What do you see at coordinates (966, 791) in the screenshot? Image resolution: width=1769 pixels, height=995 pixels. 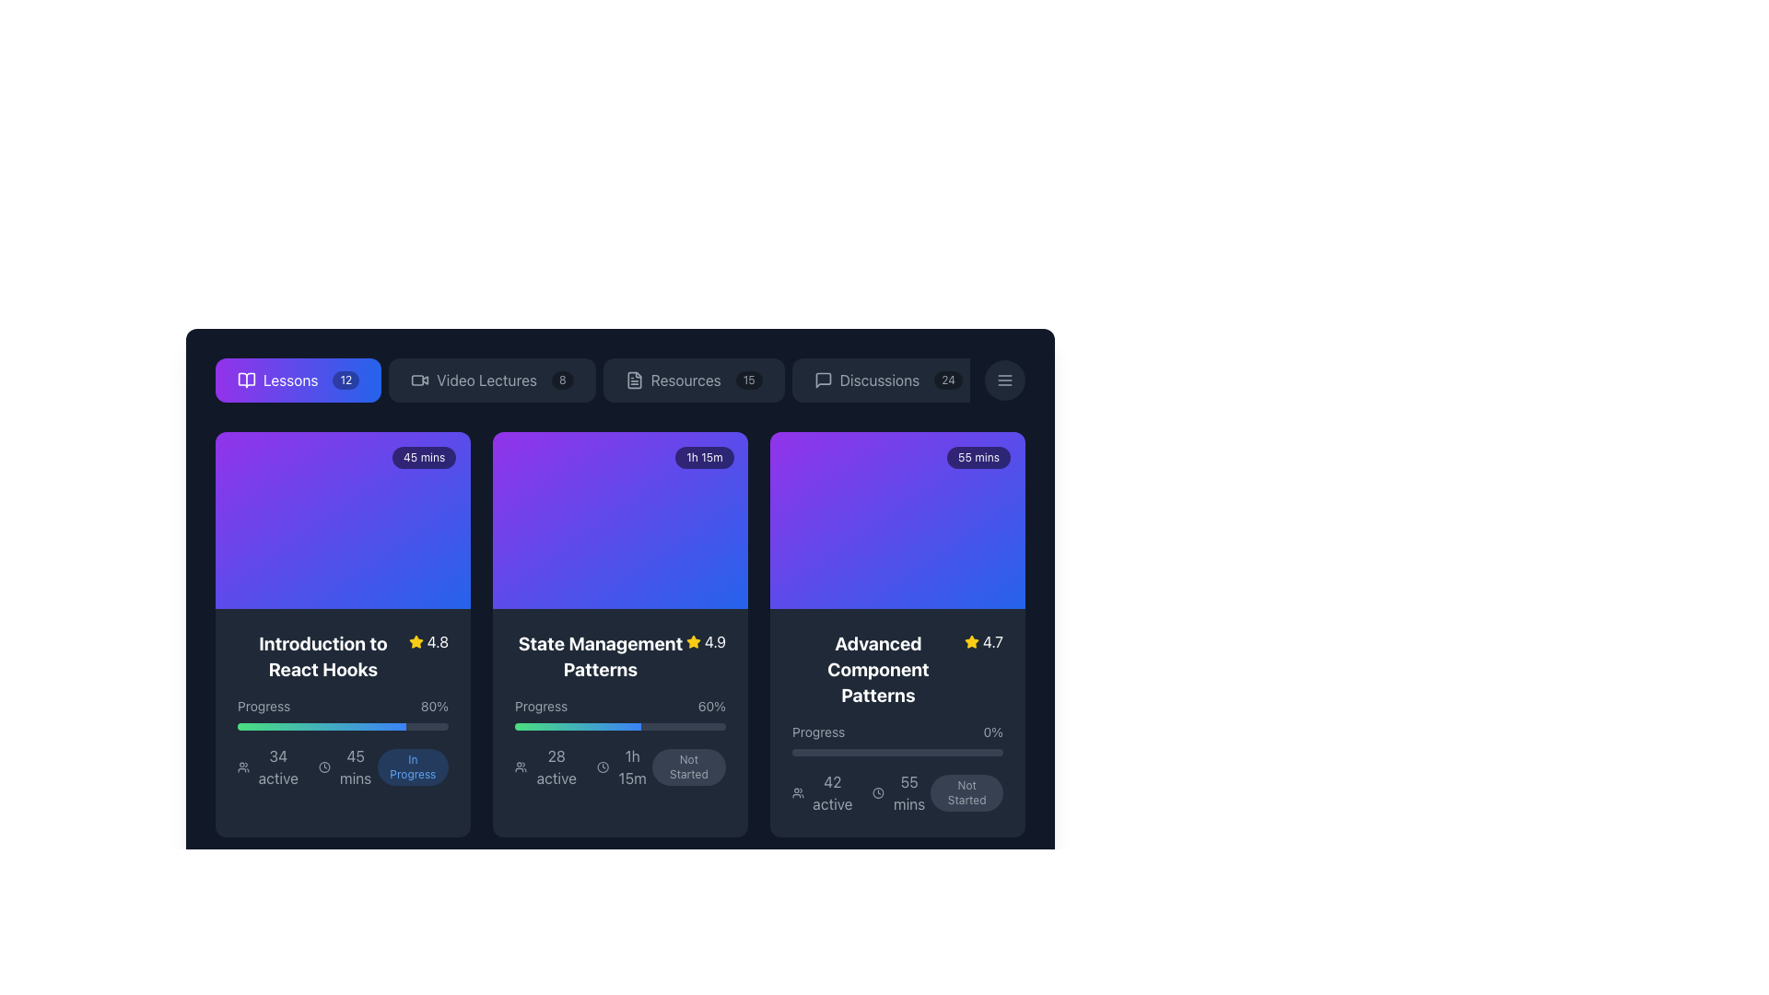 I see `the rounded rectangular label displaying 'Not Started' which is styled as a status indicator in small gray font on a dark gray background, located at the bottom-right corner of the 'Advanced Component Patterns' section` at bounding box center [966, 791].